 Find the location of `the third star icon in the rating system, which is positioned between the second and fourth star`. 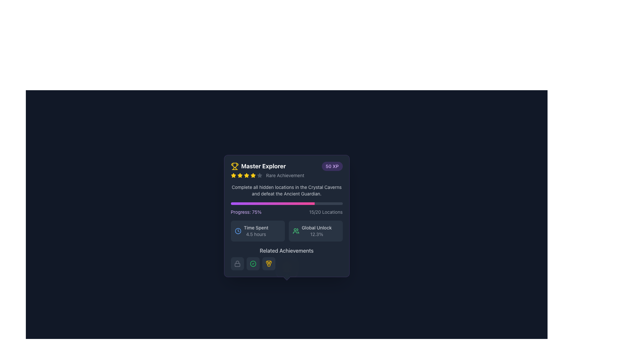

the third star icon in the rating system, which is positioned between the second and fourth star is located at coordinates (246, 175).